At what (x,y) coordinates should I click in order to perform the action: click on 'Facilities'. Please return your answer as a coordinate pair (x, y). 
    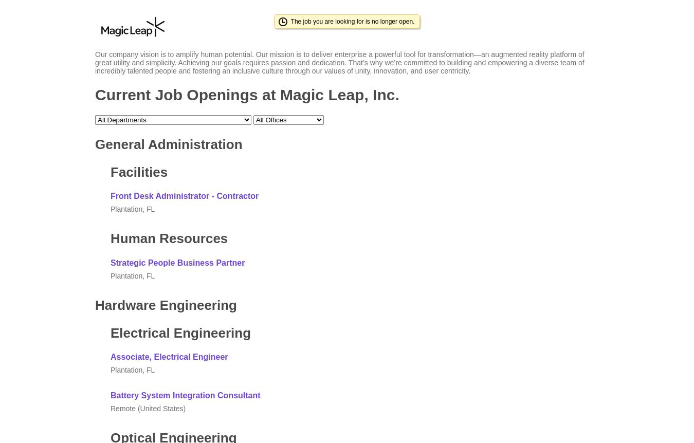
    Looking at the image, I should click on (138, 172).